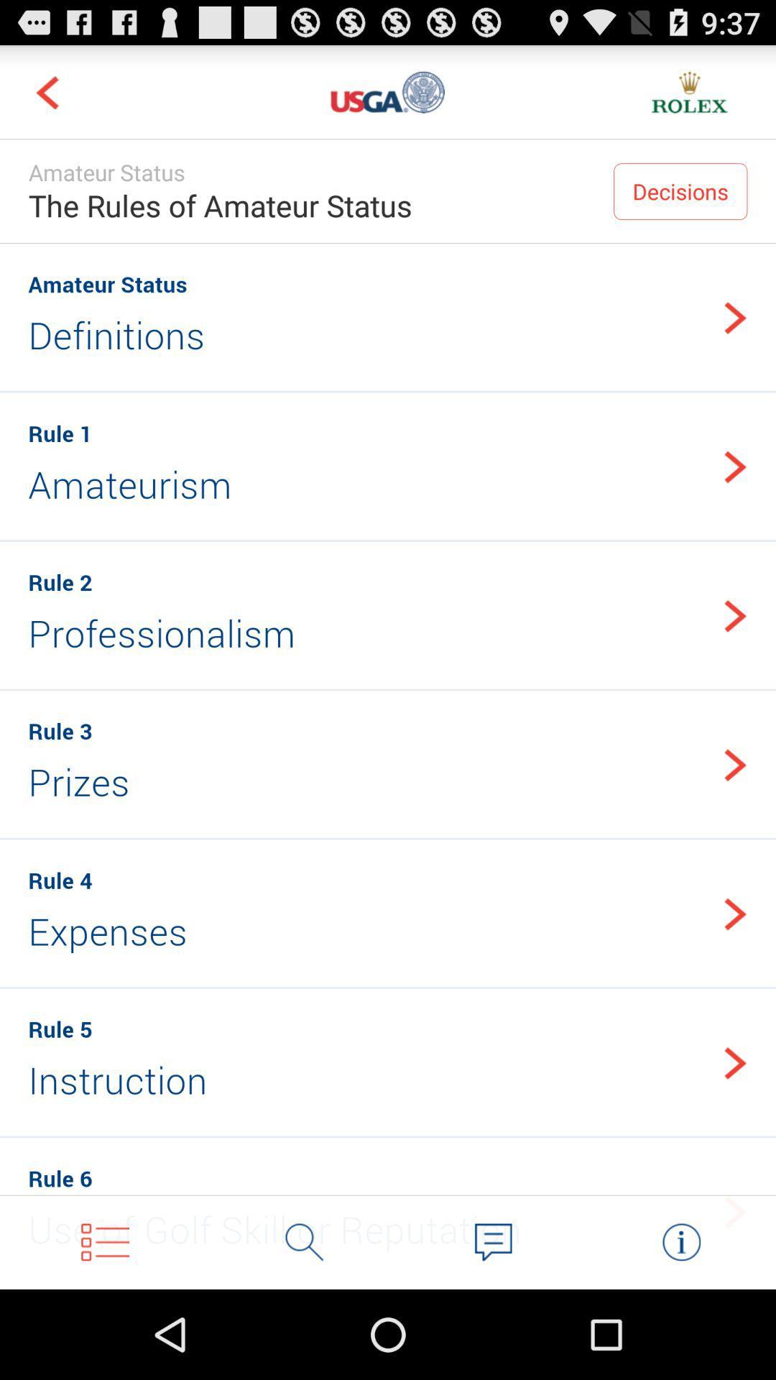 Image resolution: width=776 pixels, height=1380 pixels. What do you see at coordinates (388, 98) in the screenshot?
I see `the sliders icon` at bounding box center [388, 98].